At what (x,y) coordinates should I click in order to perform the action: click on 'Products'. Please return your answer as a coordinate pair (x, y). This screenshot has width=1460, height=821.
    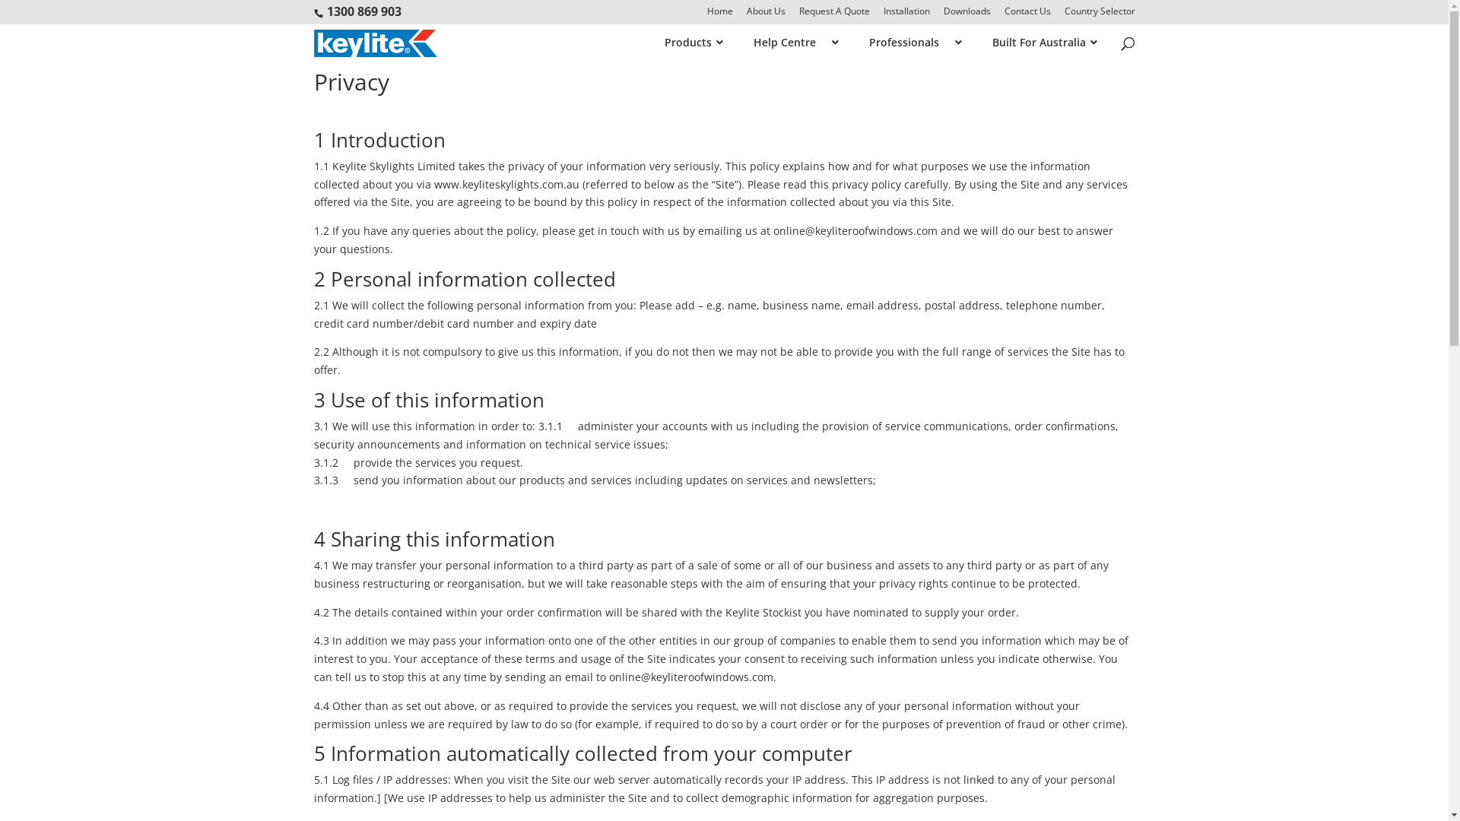
    Looking at the image, I should click on (685, 42).